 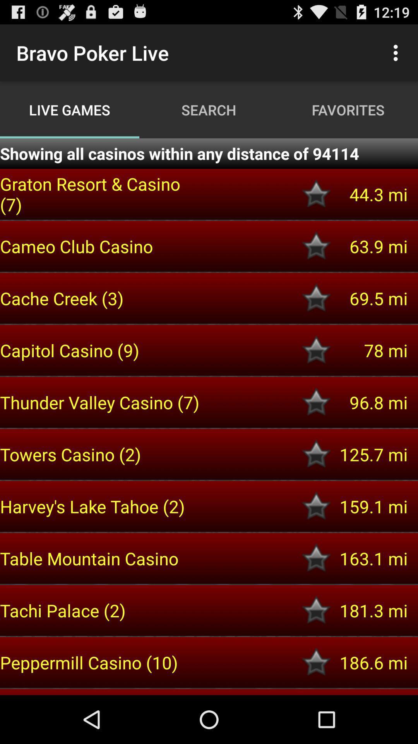 What do you see at coordinates (101, 402) in the screenshot?
I see `the icon above the towers casino (2) item` at bounding box center [101, 402].